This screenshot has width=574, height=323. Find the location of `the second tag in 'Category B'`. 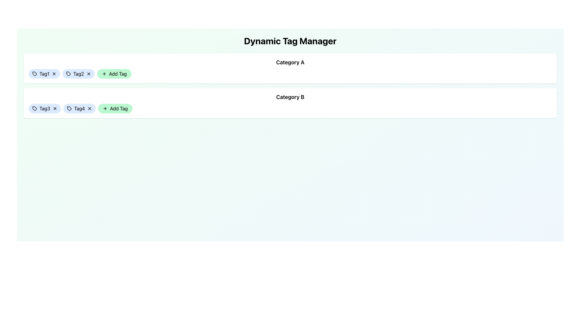

the second tag in 'Category B' is located at coordinates (79, 108).